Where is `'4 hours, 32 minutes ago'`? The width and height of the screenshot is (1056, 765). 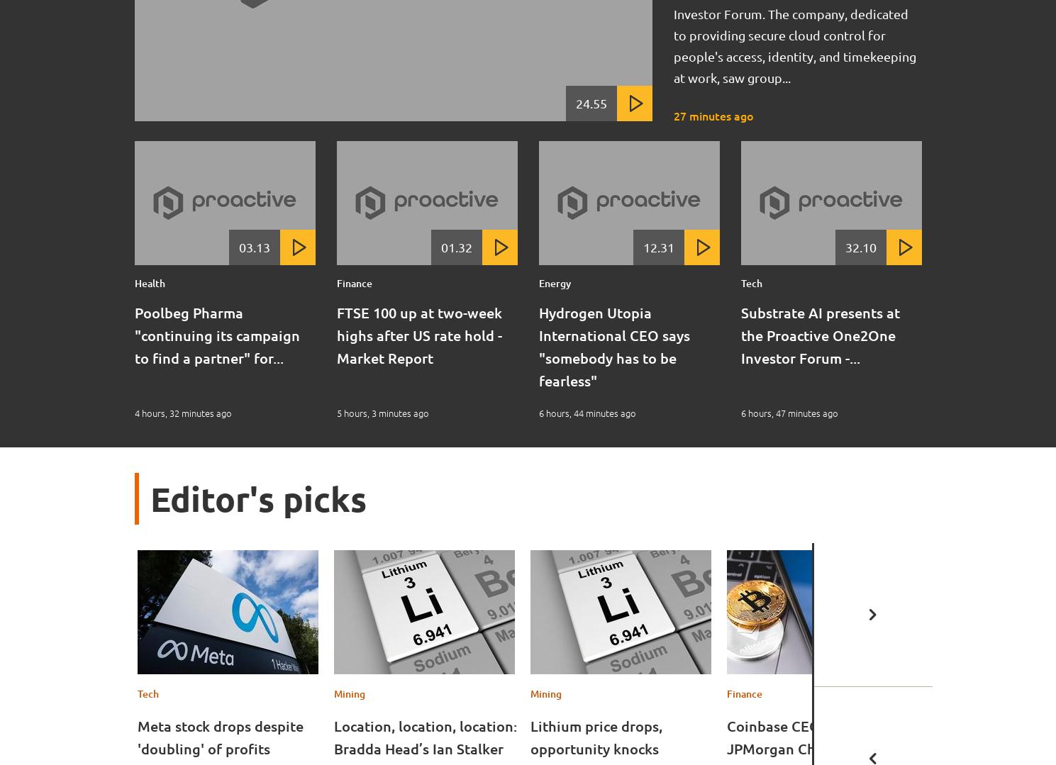
'4 hours, 32 minutes ago' is located at coordinates (182, 413).